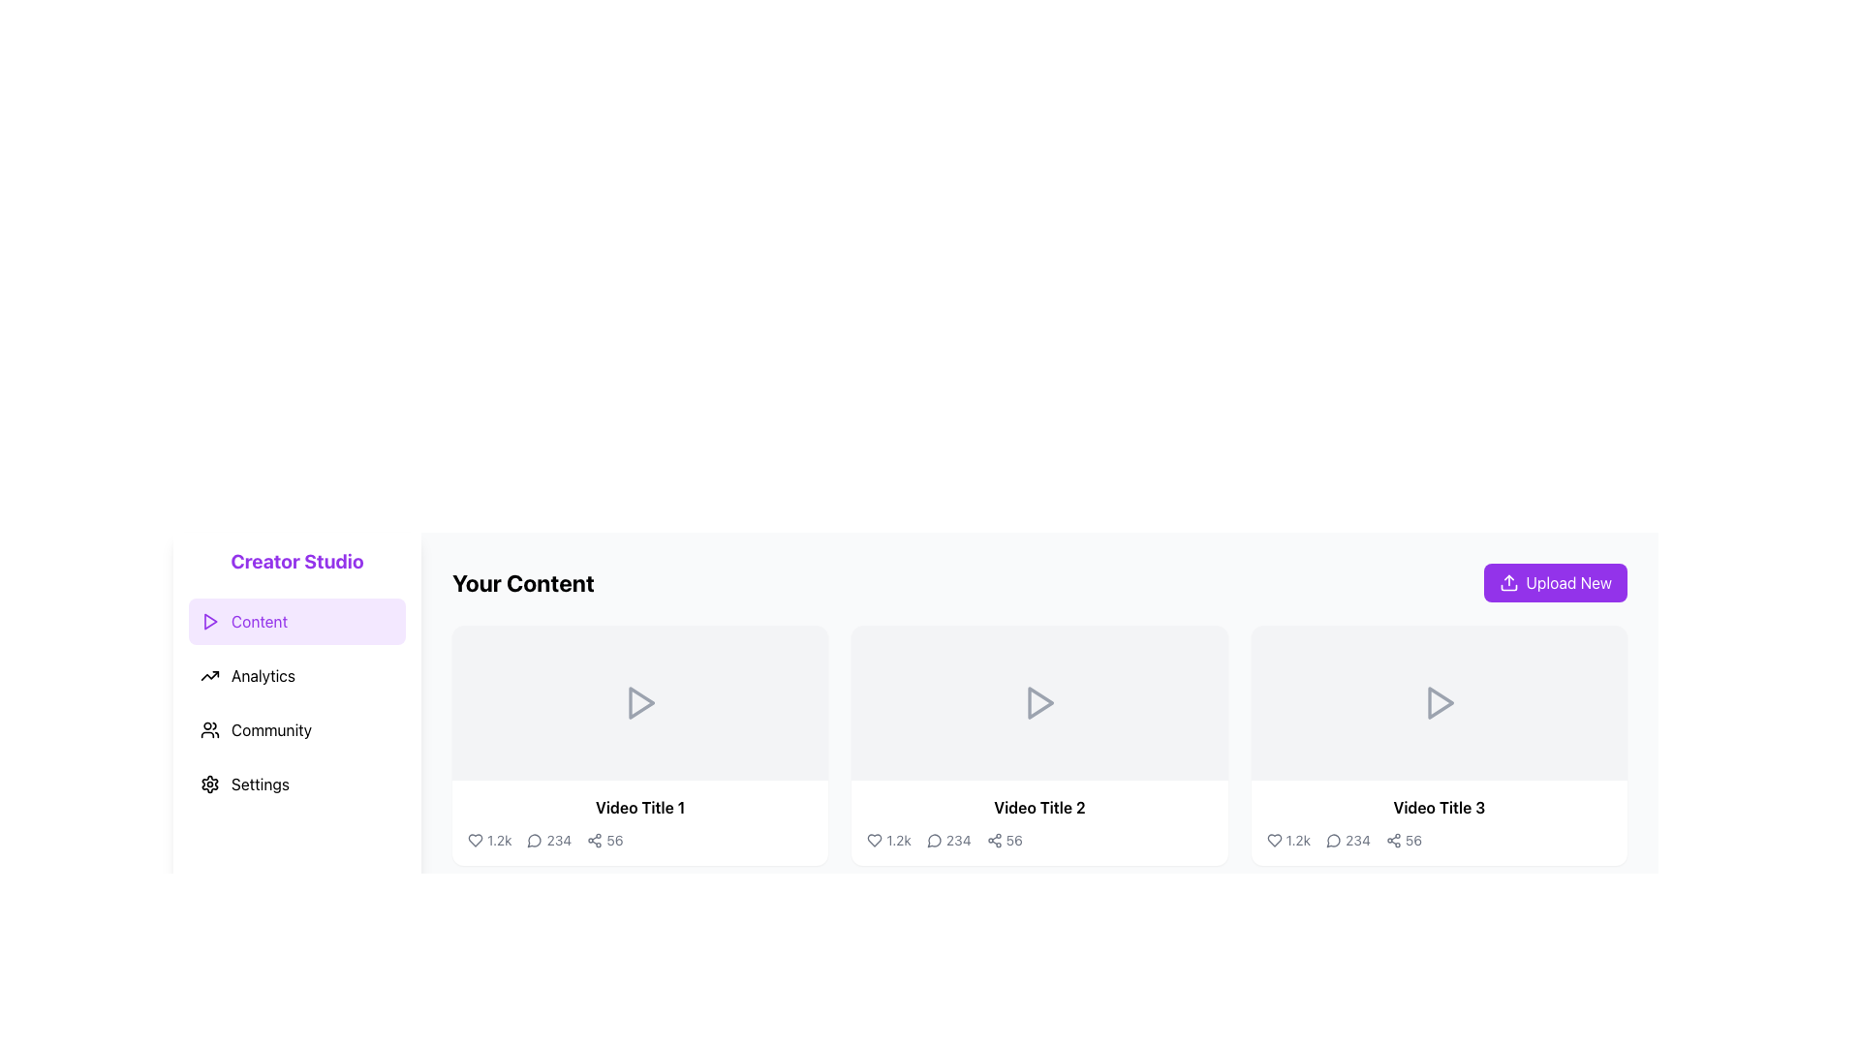 This screenshot has width=1860, height=1046. What do you see at coordinates (641, 702) in the screenshot?
I see `the play button located at the center of the first video card in the 'Your Content' section` at bounding box center [641, 702].